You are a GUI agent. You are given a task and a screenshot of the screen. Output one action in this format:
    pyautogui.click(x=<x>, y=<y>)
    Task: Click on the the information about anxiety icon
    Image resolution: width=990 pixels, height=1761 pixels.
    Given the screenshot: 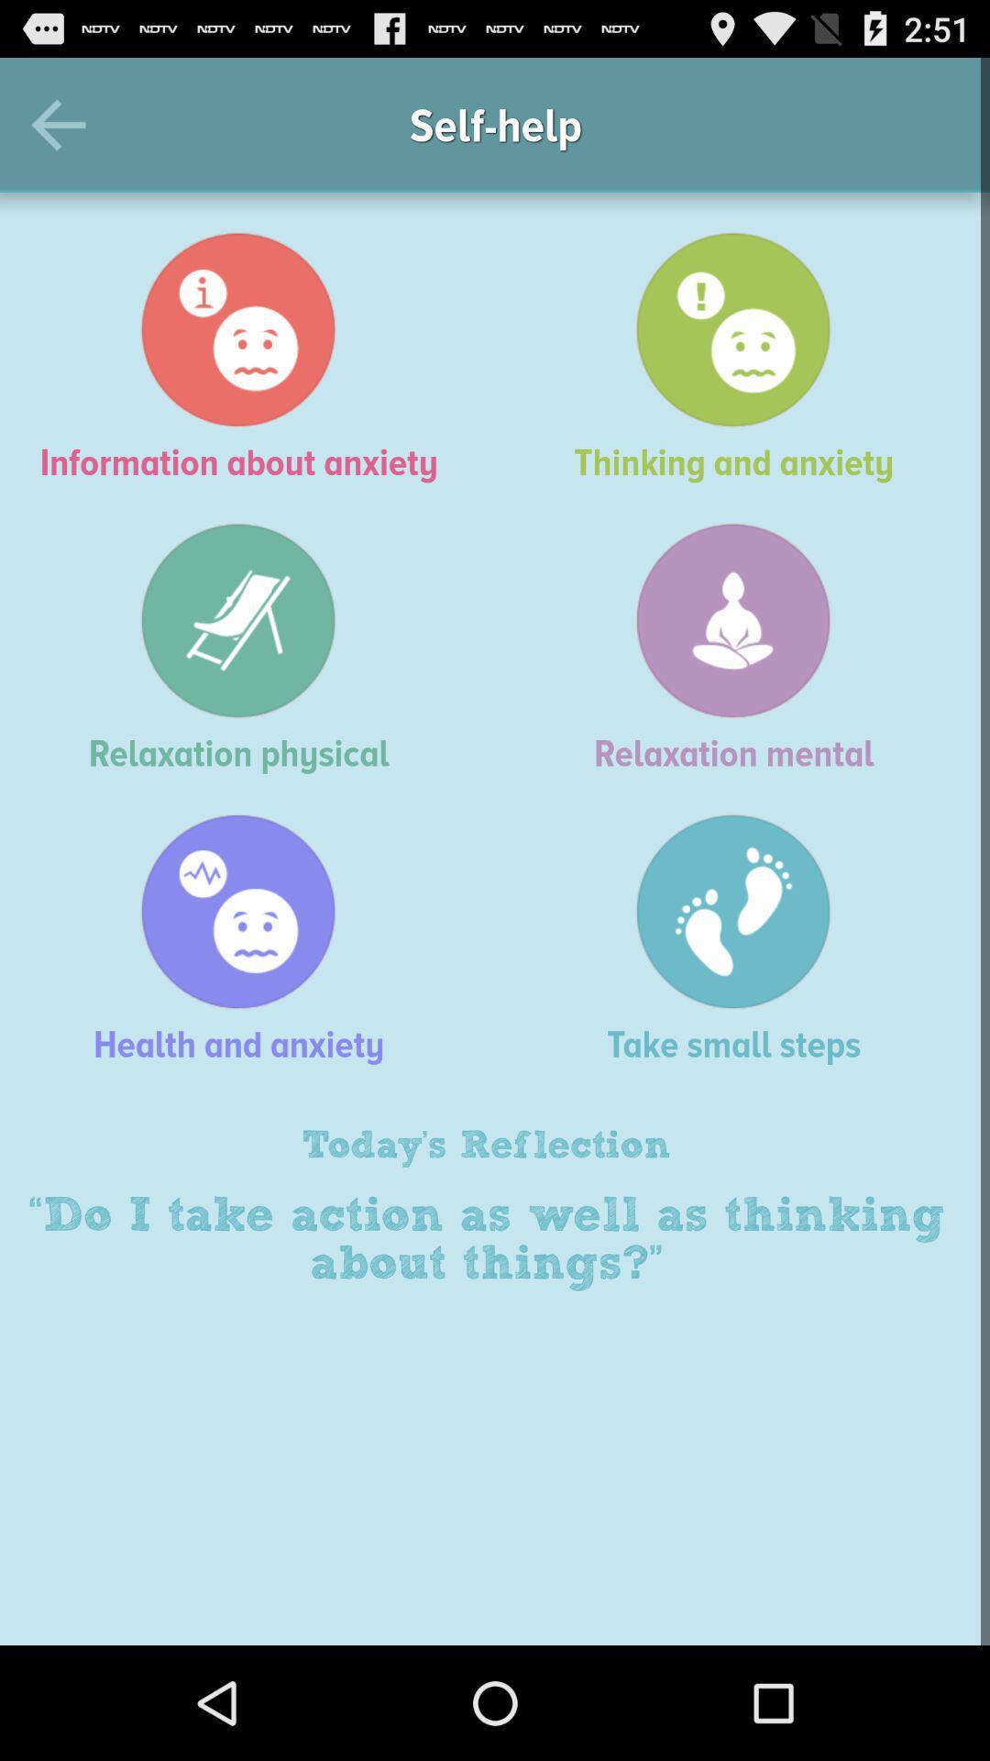 What is the action you would take?
    pyautogui.click(x=247, y=357)
    